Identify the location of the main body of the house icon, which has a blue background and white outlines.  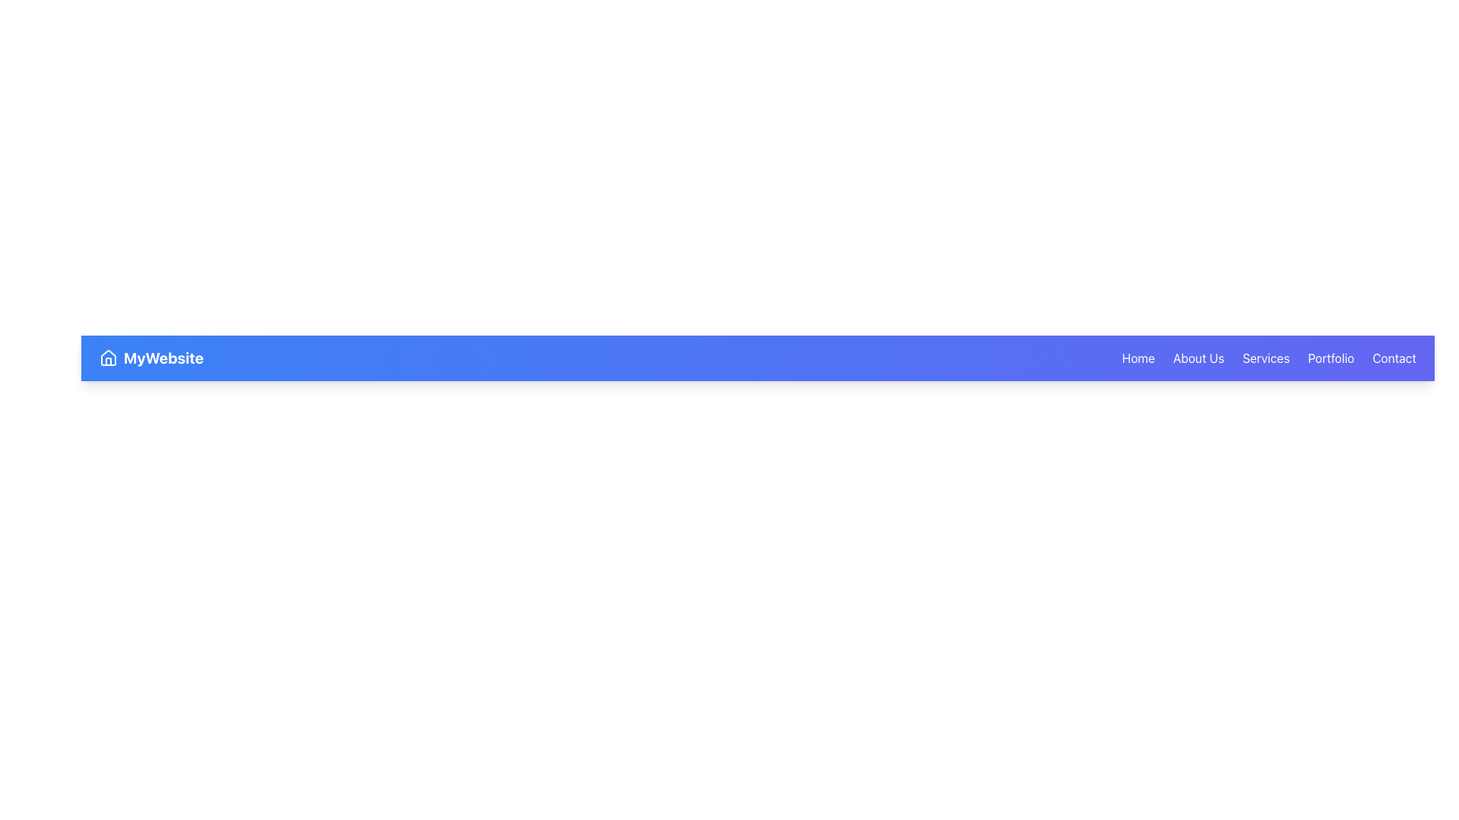
(108, 357).